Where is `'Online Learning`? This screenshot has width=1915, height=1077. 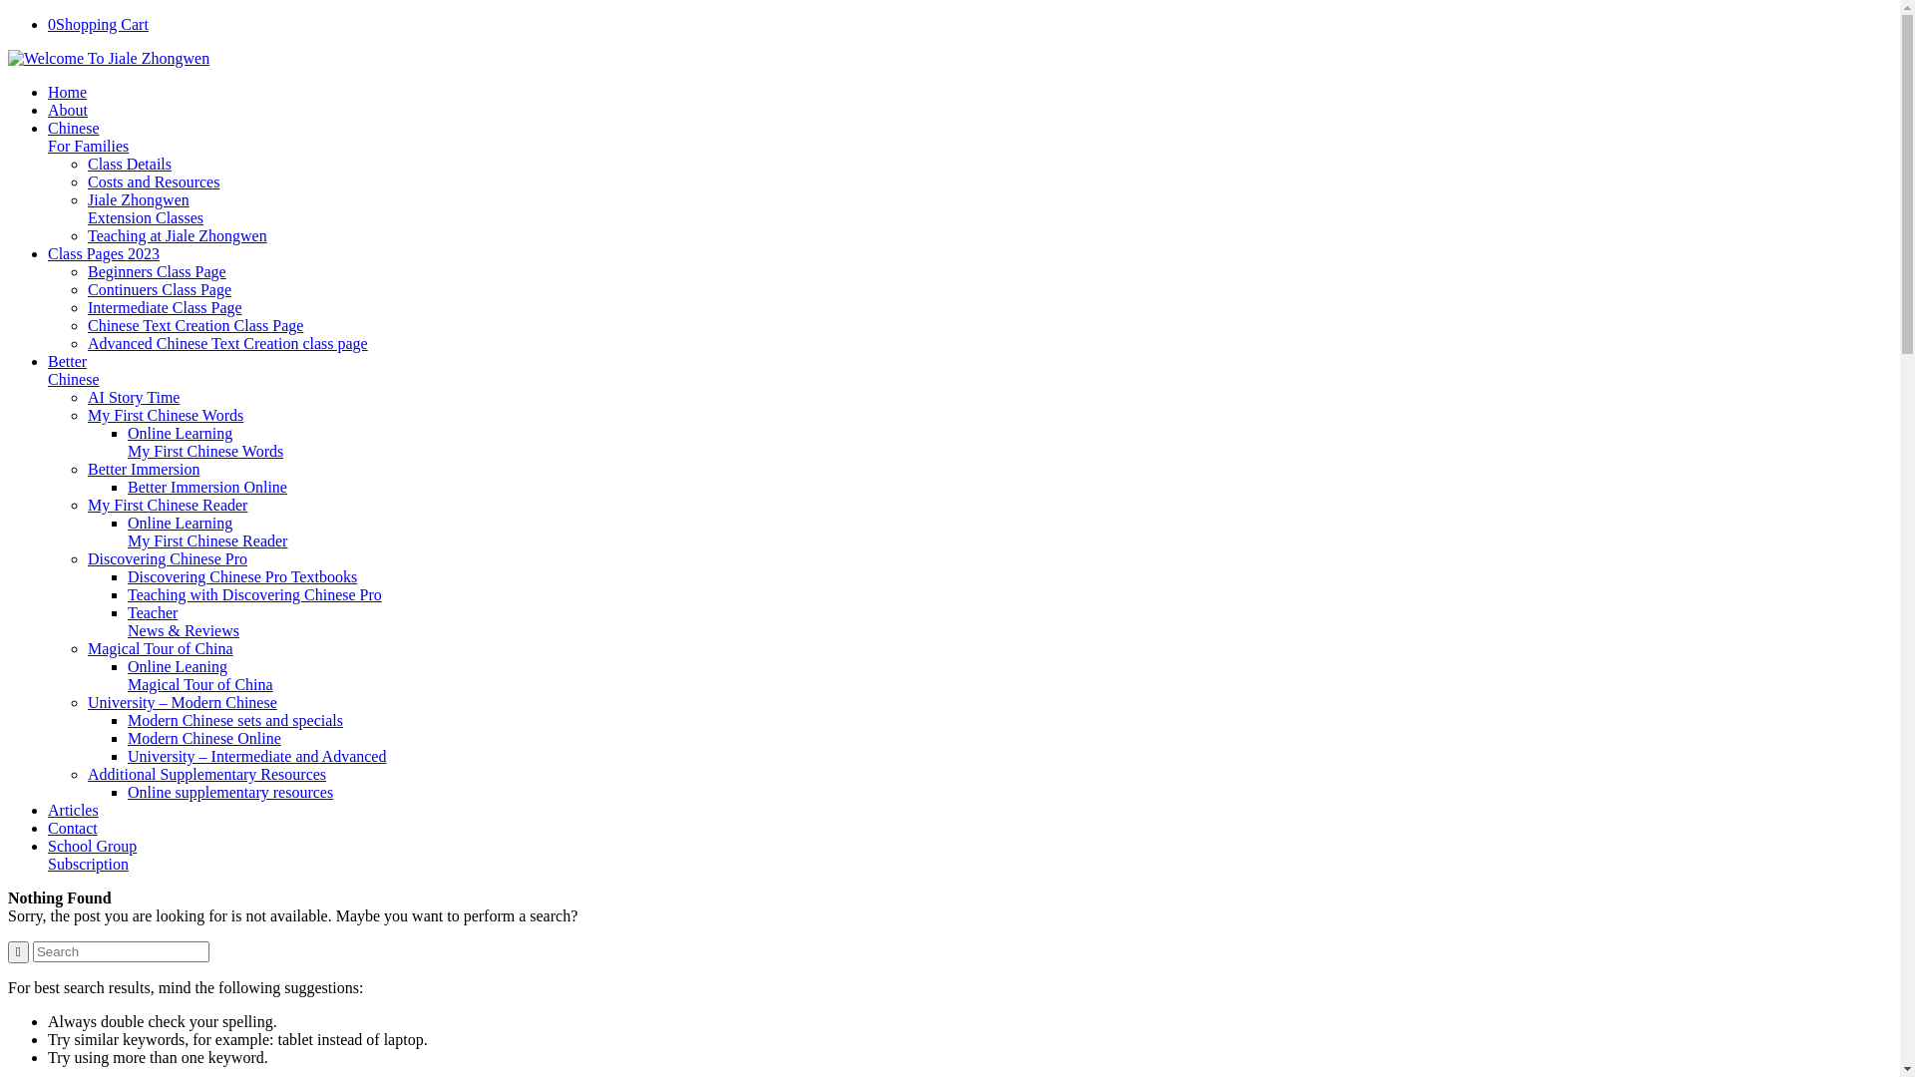
'Online Learning is located at coordinates (206, 531).